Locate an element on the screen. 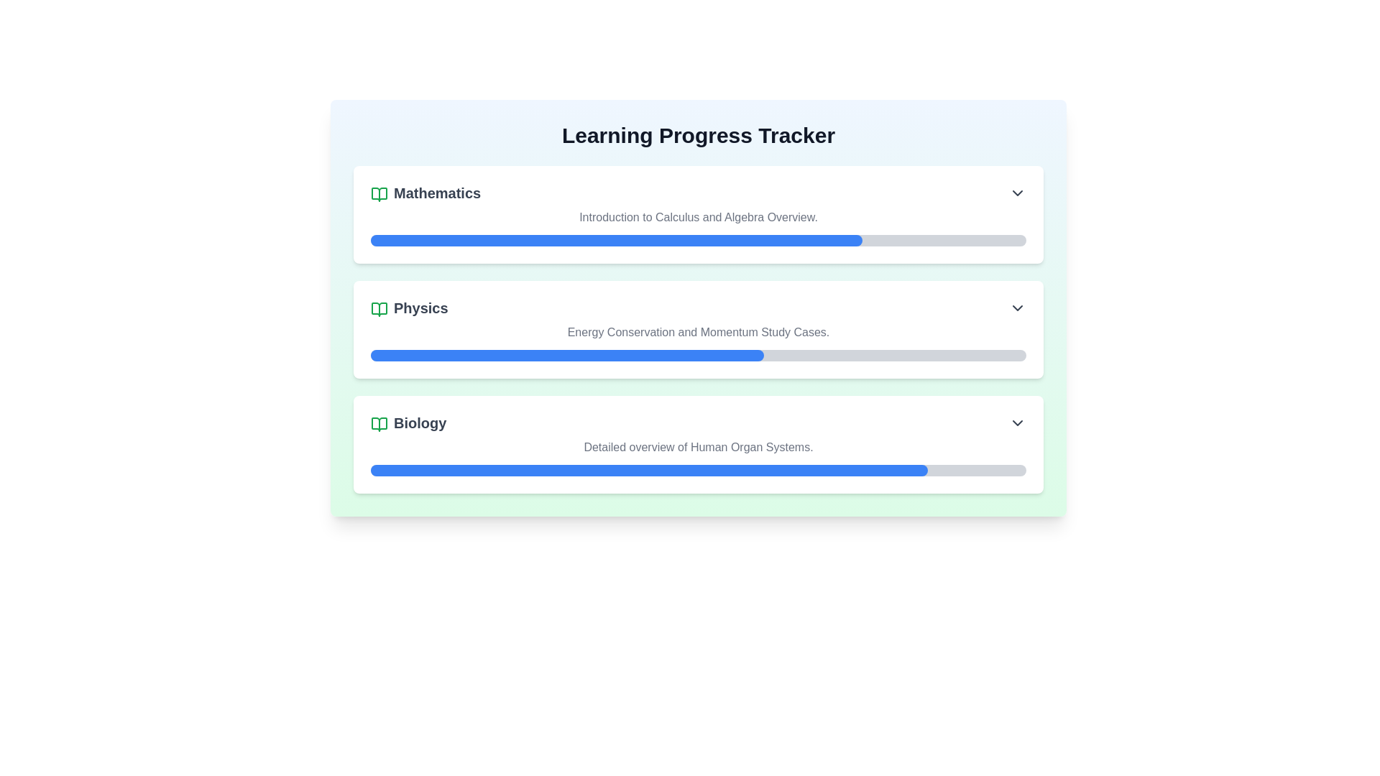 This screenshot has height=776, width=1380. the Progress Bar representing 75% completion in the Mathematics section below 'Introduction to Calculus and Algebra Overview.' is located at coordinates (698, 240).